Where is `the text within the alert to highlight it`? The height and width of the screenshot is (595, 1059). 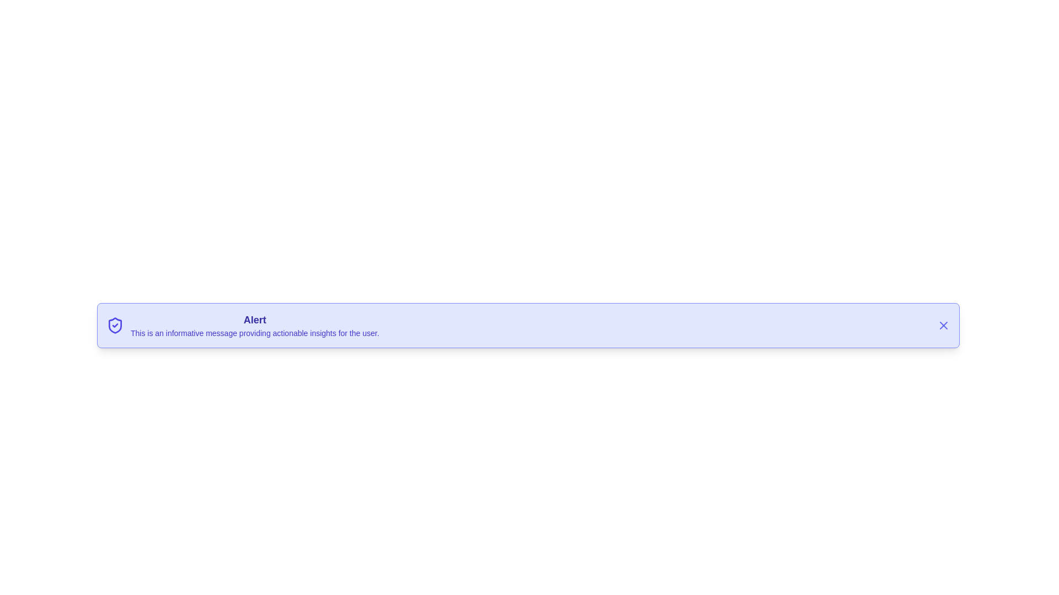 the text within the alert to highlight it is located at coordinates (254, 324).